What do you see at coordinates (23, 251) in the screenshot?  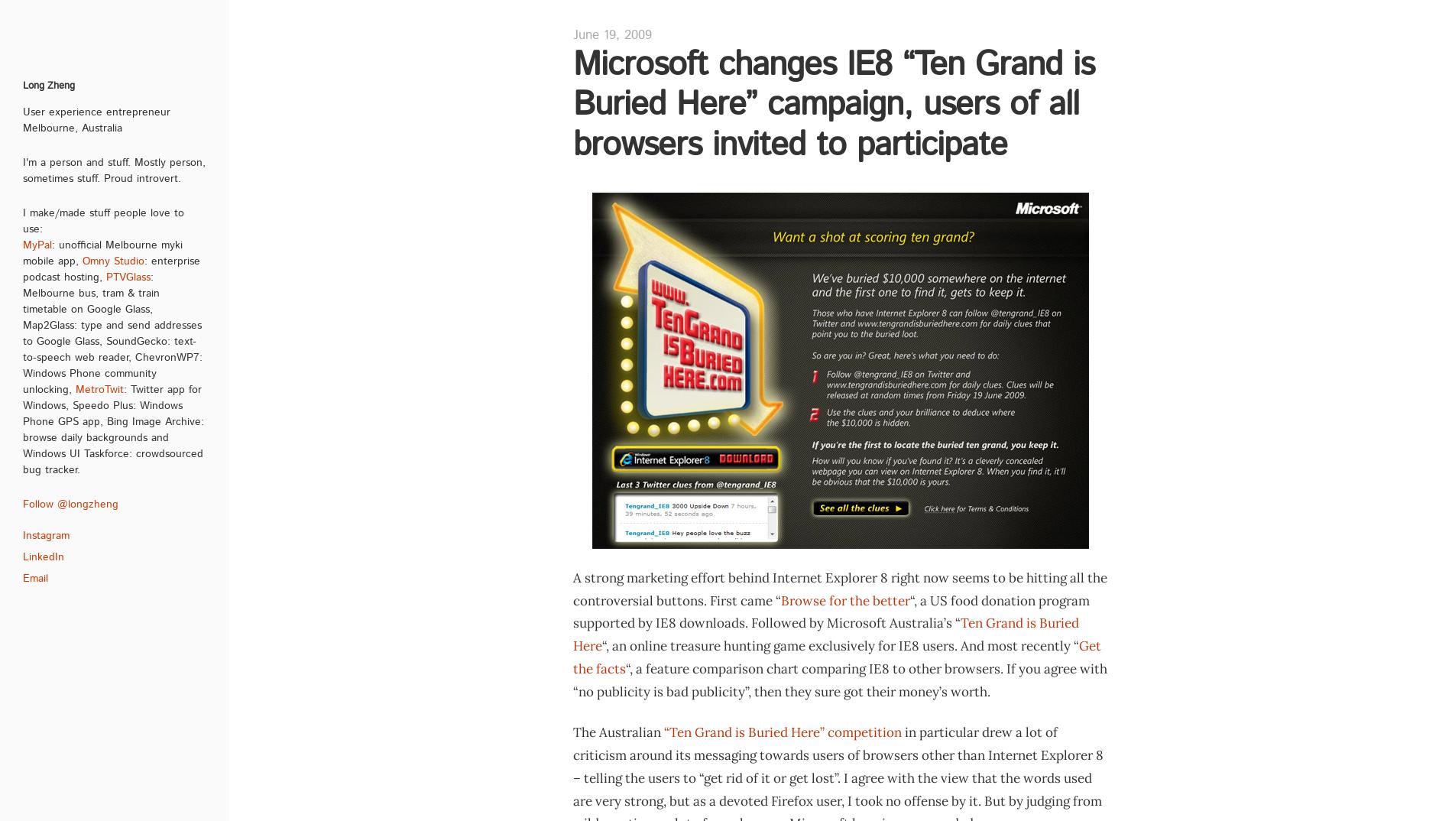 I see `': unofficial Melbourne myki mobile app,'` at bounding box center [23, 251].